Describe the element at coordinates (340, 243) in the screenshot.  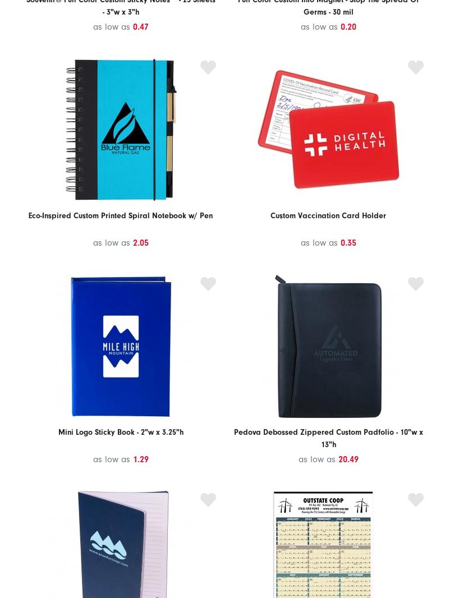
I see `'0.35'` at that location.